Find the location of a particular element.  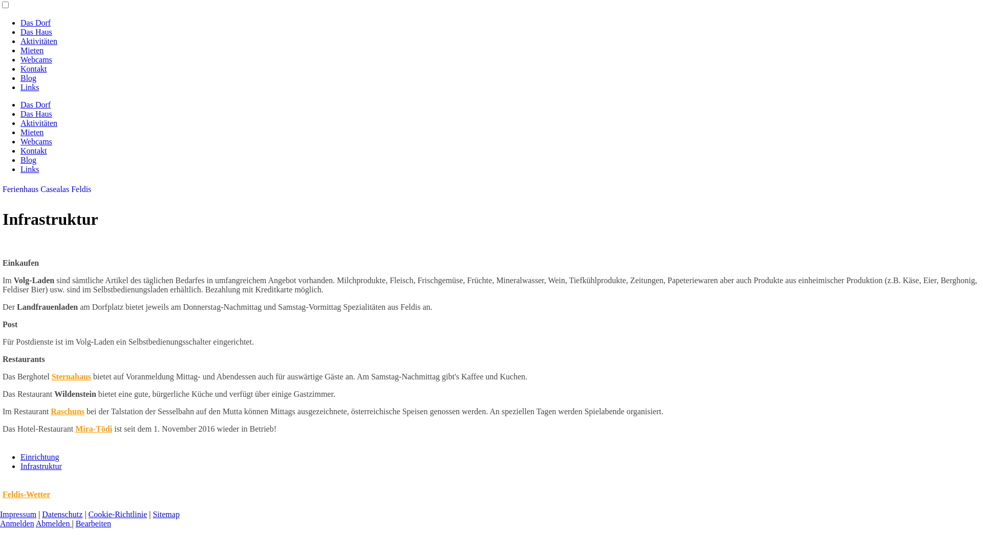

'Kontakt' is located at coordinates (34, 69).